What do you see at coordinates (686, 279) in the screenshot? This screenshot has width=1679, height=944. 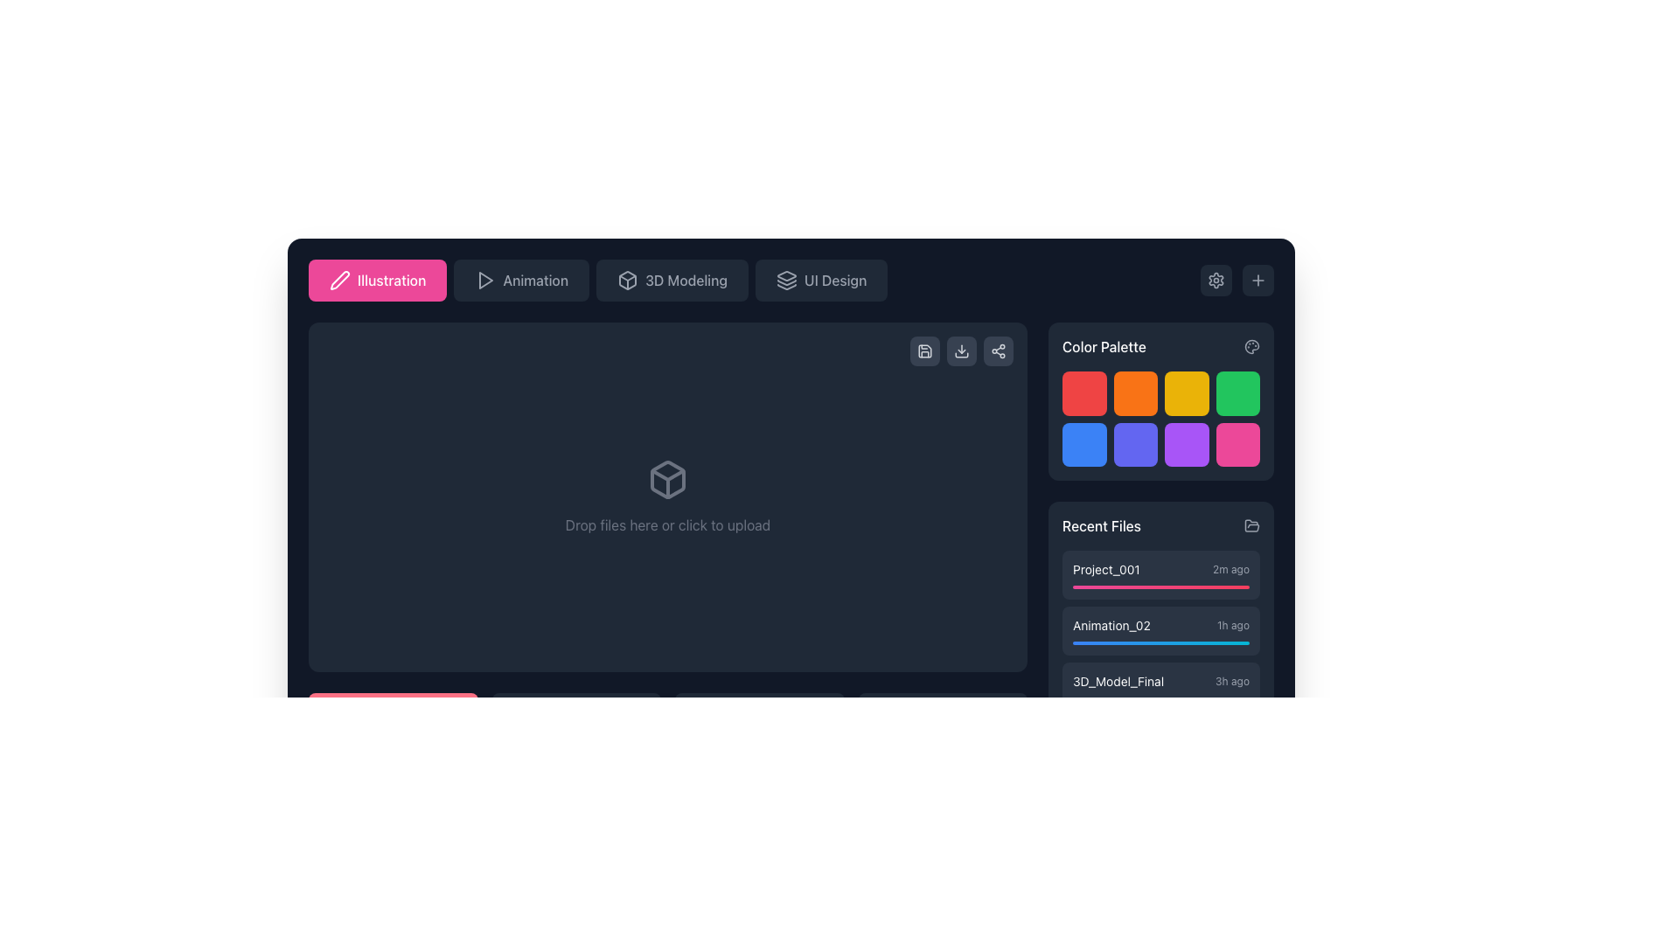 I see `the '3D Modeling' text label within the button located near the top center of the interface` at bounding box center [686, 279].